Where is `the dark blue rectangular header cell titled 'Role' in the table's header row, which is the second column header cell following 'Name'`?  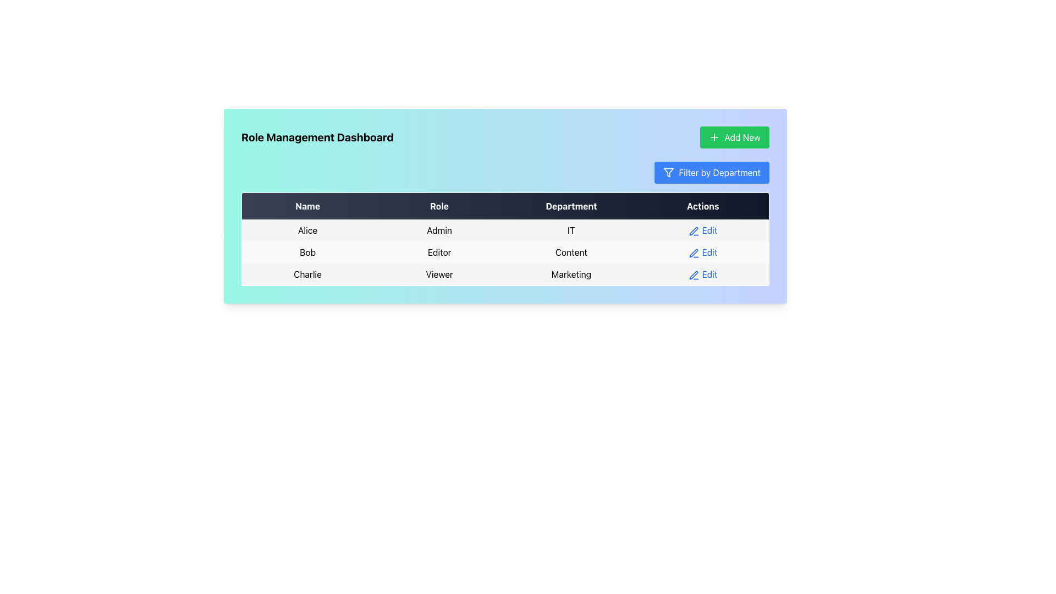
the dark blue rectangular header cell titled 'Role' in the table's header row, which is the second column header cell following 'Name' is located at coordinates (439, 206).